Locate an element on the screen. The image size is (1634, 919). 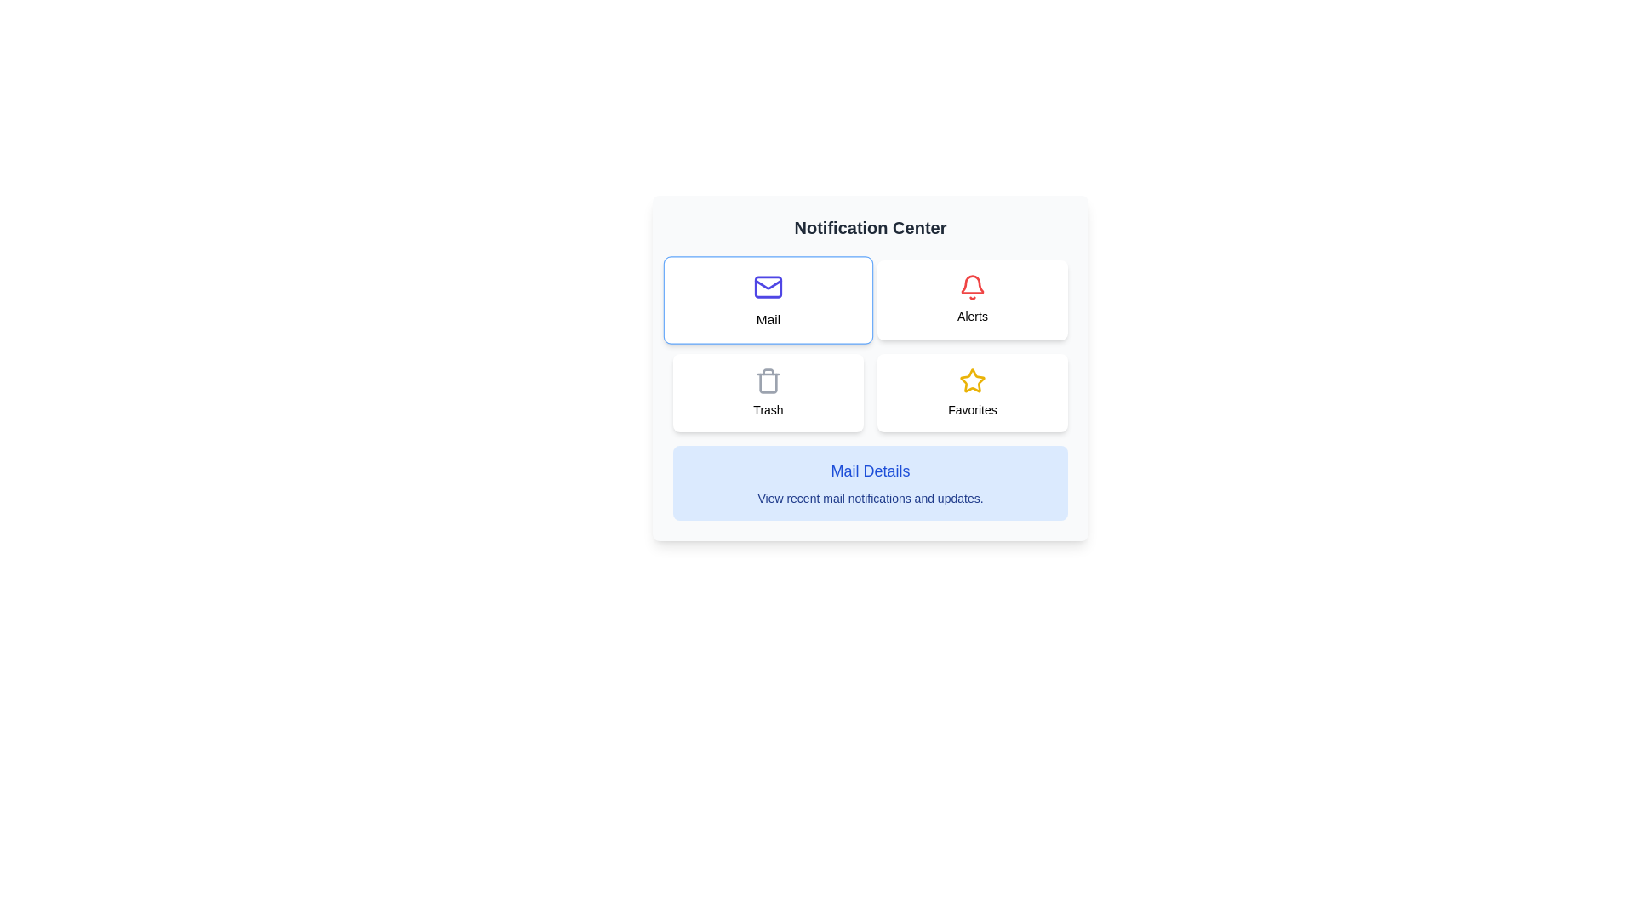
the text label that reads 'Mail Details', which is prominently styled in blue font and located at the top of the blue-bordered panel in the 'Notification Center' is located at coordinates (870, 471).